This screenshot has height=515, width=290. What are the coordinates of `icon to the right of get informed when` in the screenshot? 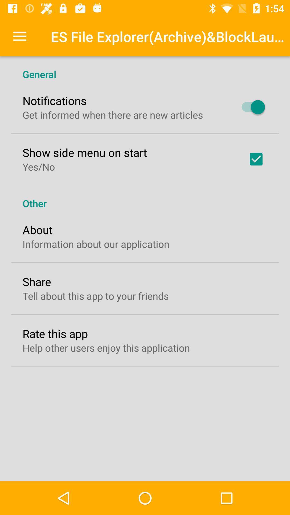 It's located at (251, 107).